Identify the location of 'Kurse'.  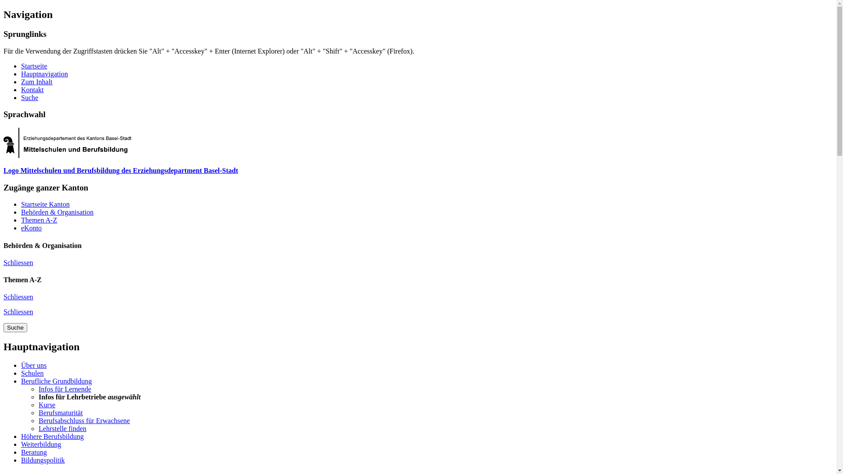
(46, 405).